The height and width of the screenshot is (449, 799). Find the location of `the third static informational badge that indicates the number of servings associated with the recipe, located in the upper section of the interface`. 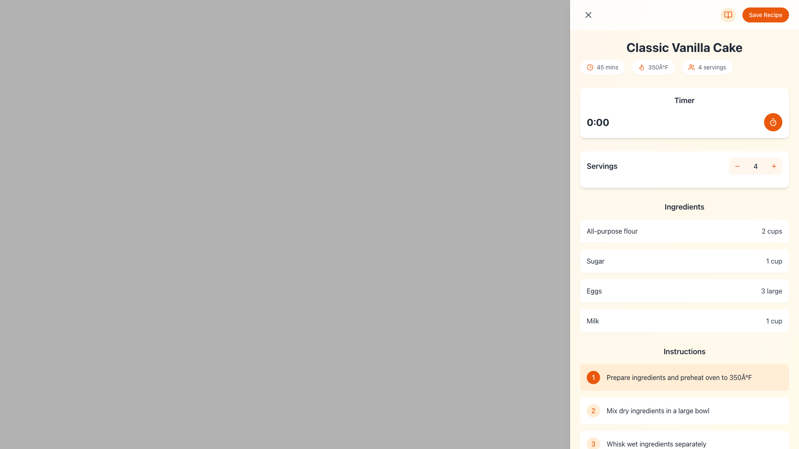

the third static informational badge that indicates the number of servings associated with the recipe, located in the upper section of the interface is located at coordinates (707, 67).